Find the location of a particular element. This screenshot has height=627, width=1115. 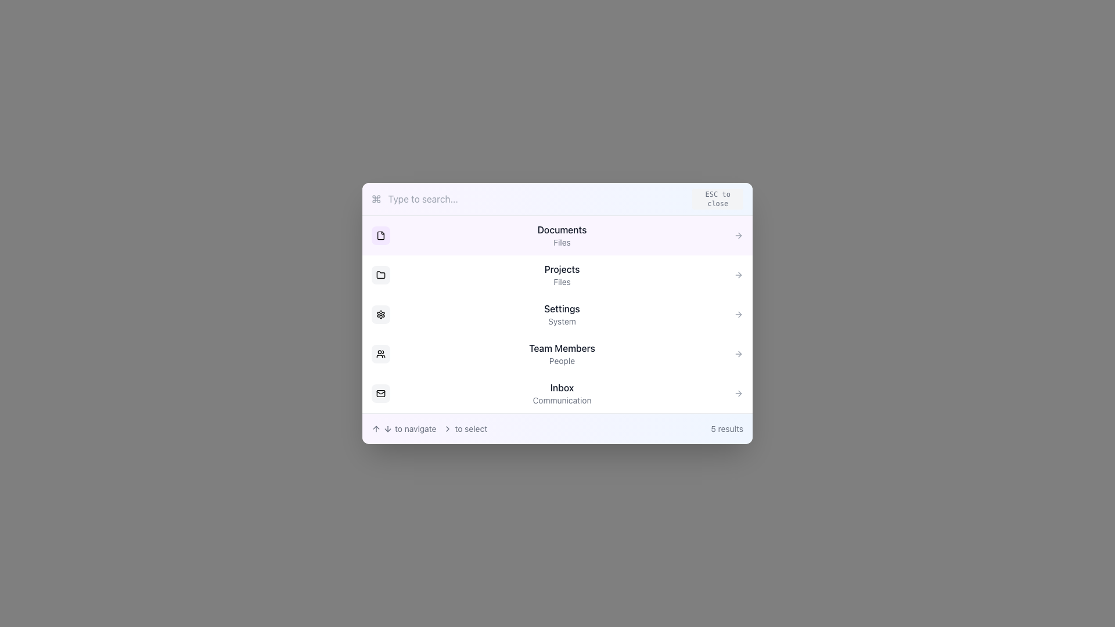

the SVG icon indicating navigation or interaction located to the right of the 'Documents' label is located at coordinates (739, 235).